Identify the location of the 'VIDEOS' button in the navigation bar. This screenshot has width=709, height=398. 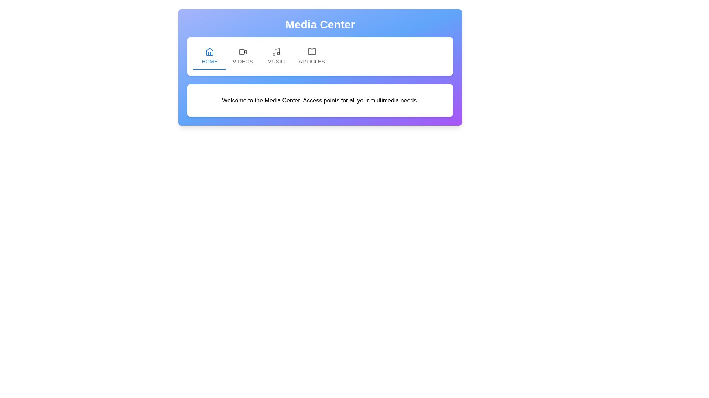
(243, 56).